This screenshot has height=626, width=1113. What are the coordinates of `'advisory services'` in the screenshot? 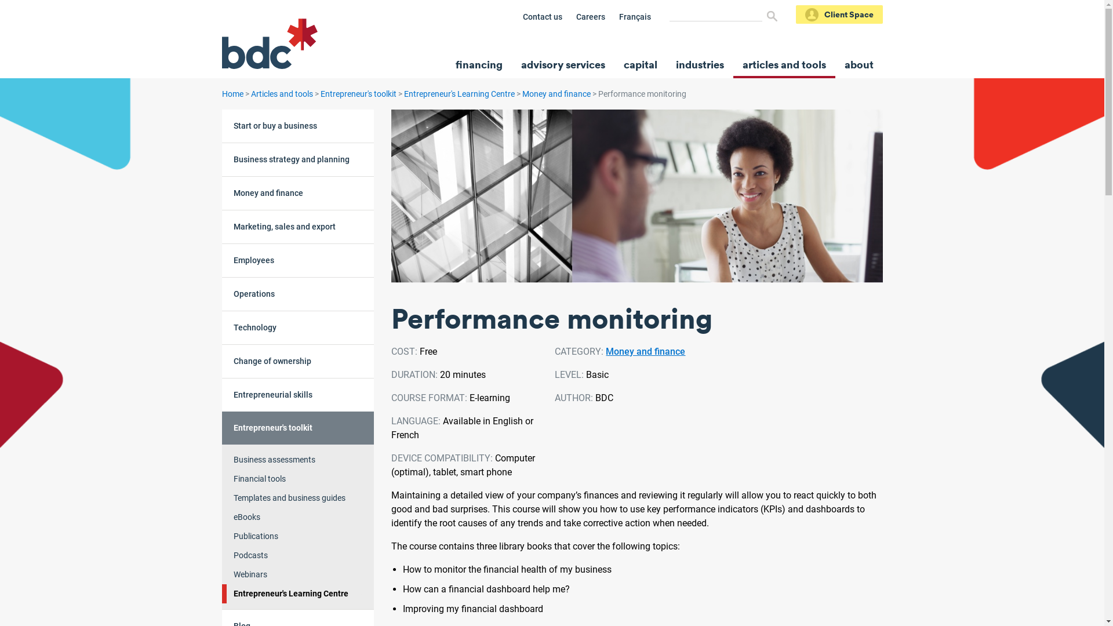 It's located at (562, 64).